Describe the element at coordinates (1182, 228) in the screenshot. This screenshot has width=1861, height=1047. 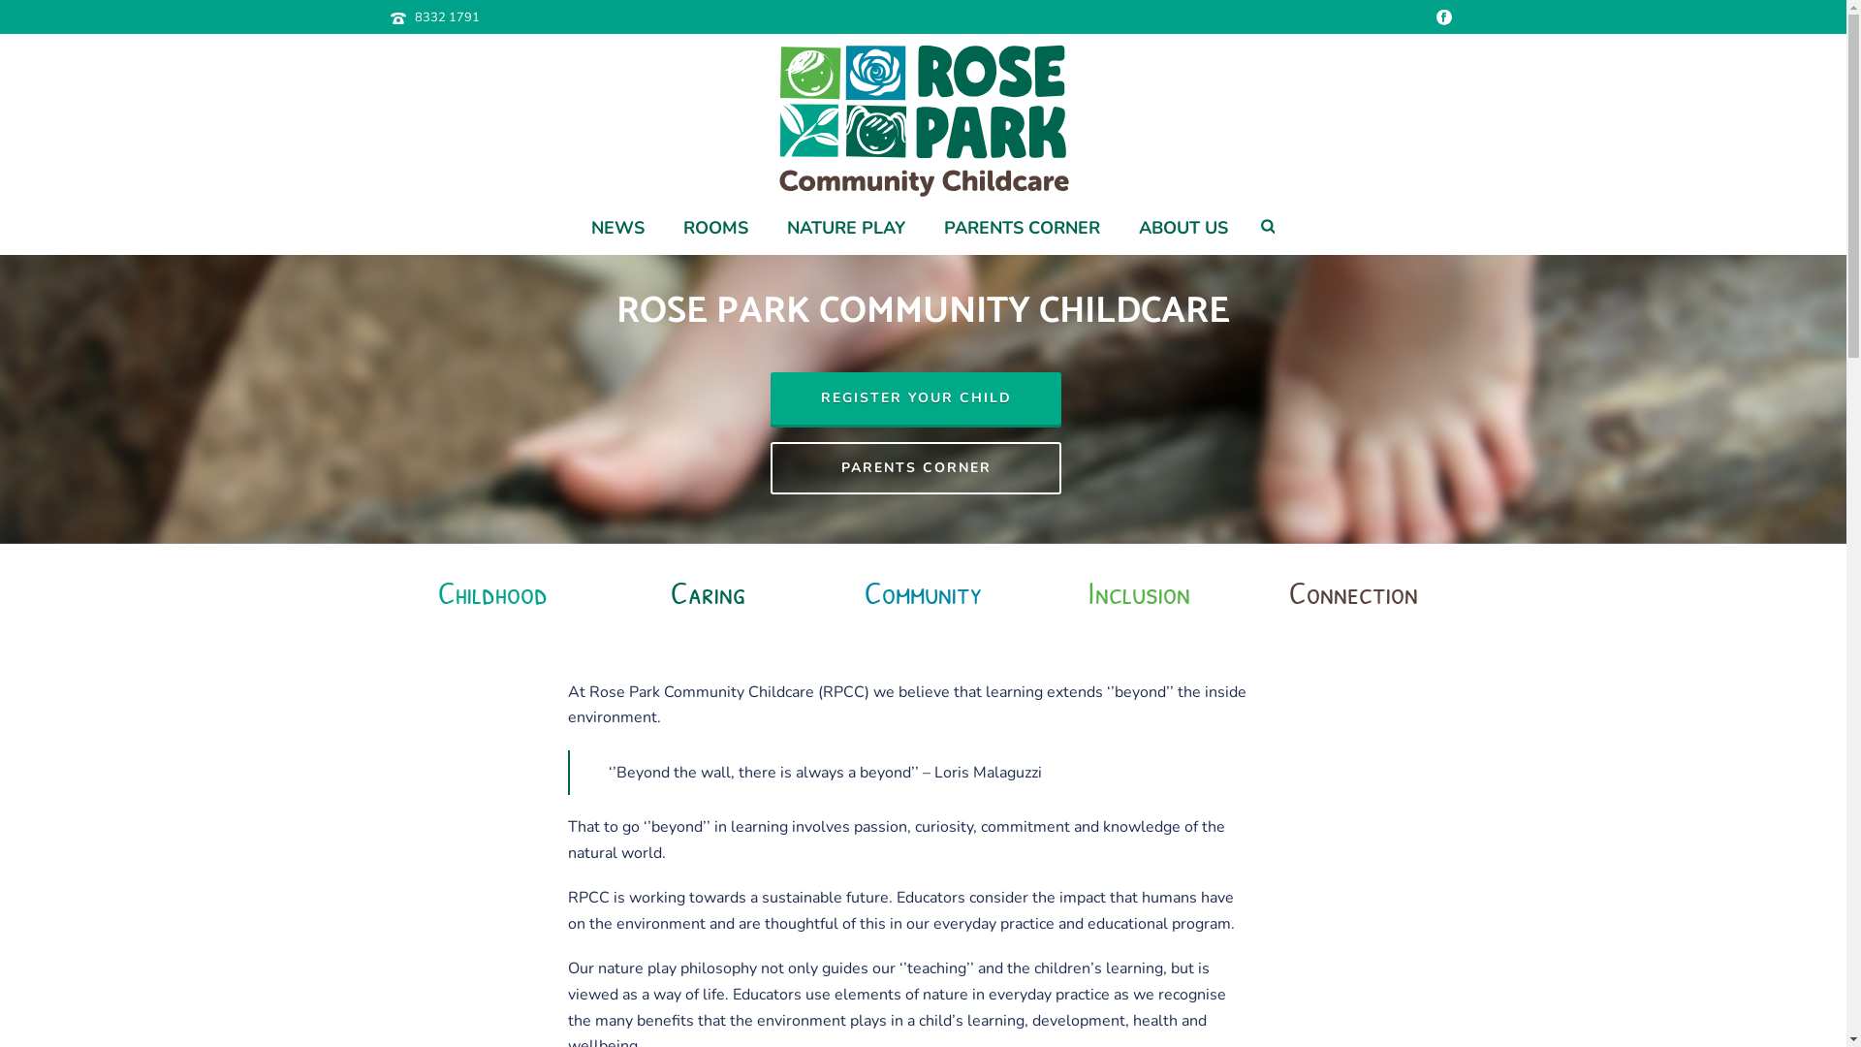
I see `'ABOUT US'` at that location.